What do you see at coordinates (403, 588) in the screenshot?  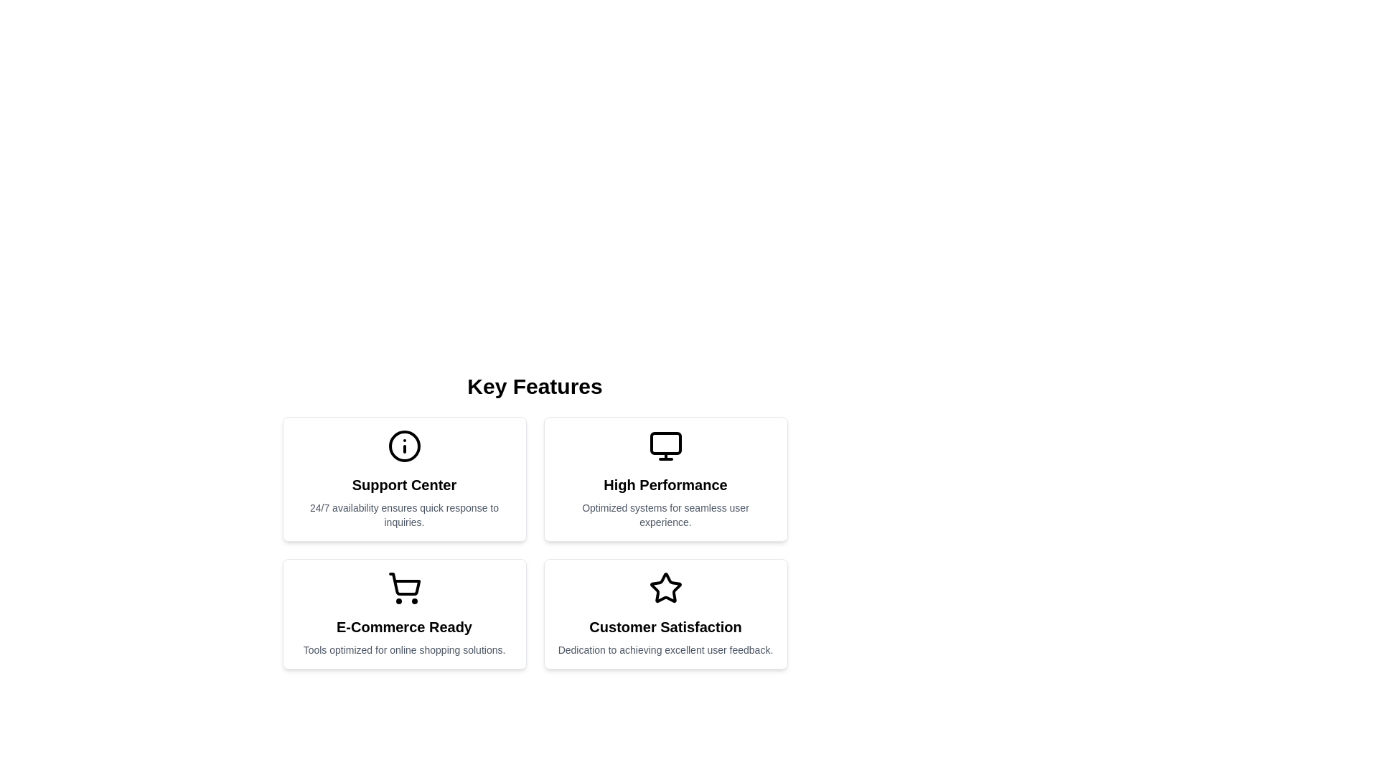 I see `the 'E-Commerce Ready' icon located in the lower left quadrant of the four-item grid under the 'Key Features' section` at bounding box center [403, 588].